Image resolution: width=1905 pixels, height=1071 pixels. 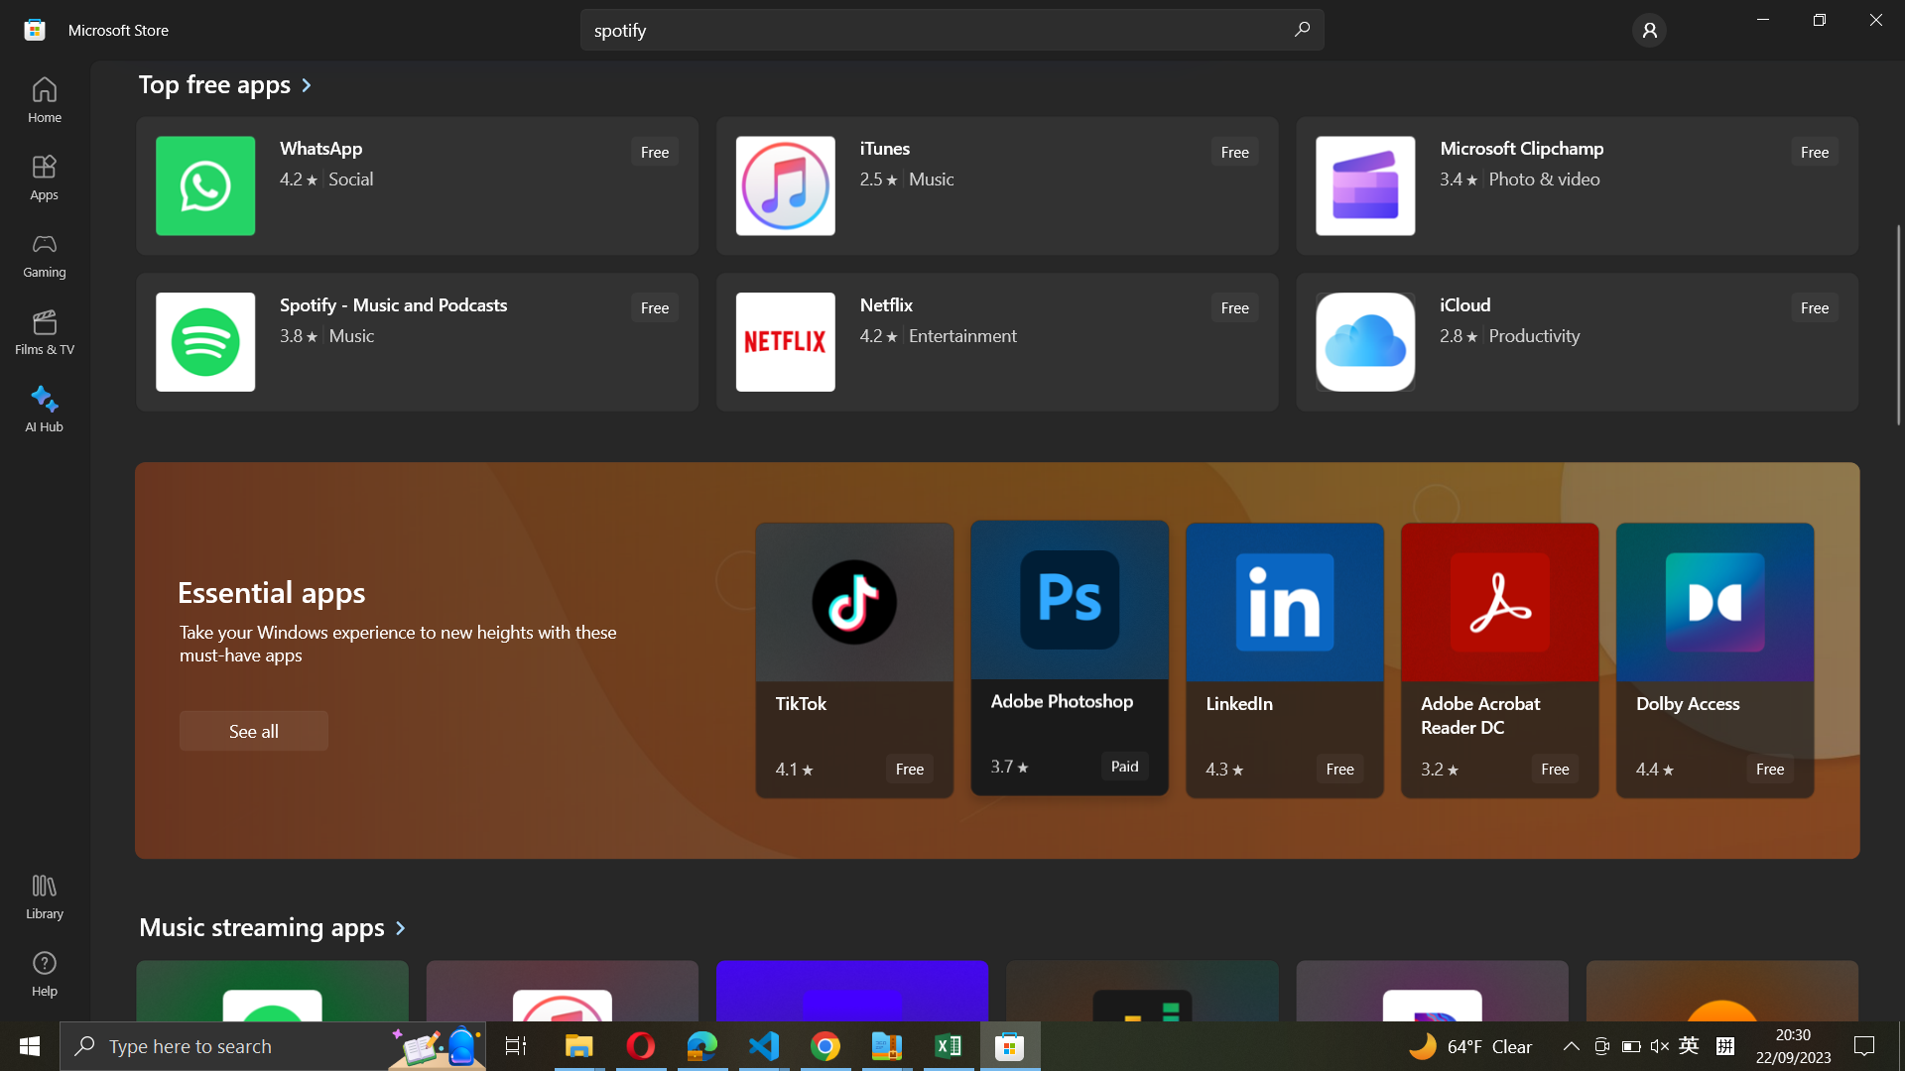 What do you see at coordinates (1714, 660) in the screenshot?
I see `Dolby Access` at bounding box center [1714, 660].